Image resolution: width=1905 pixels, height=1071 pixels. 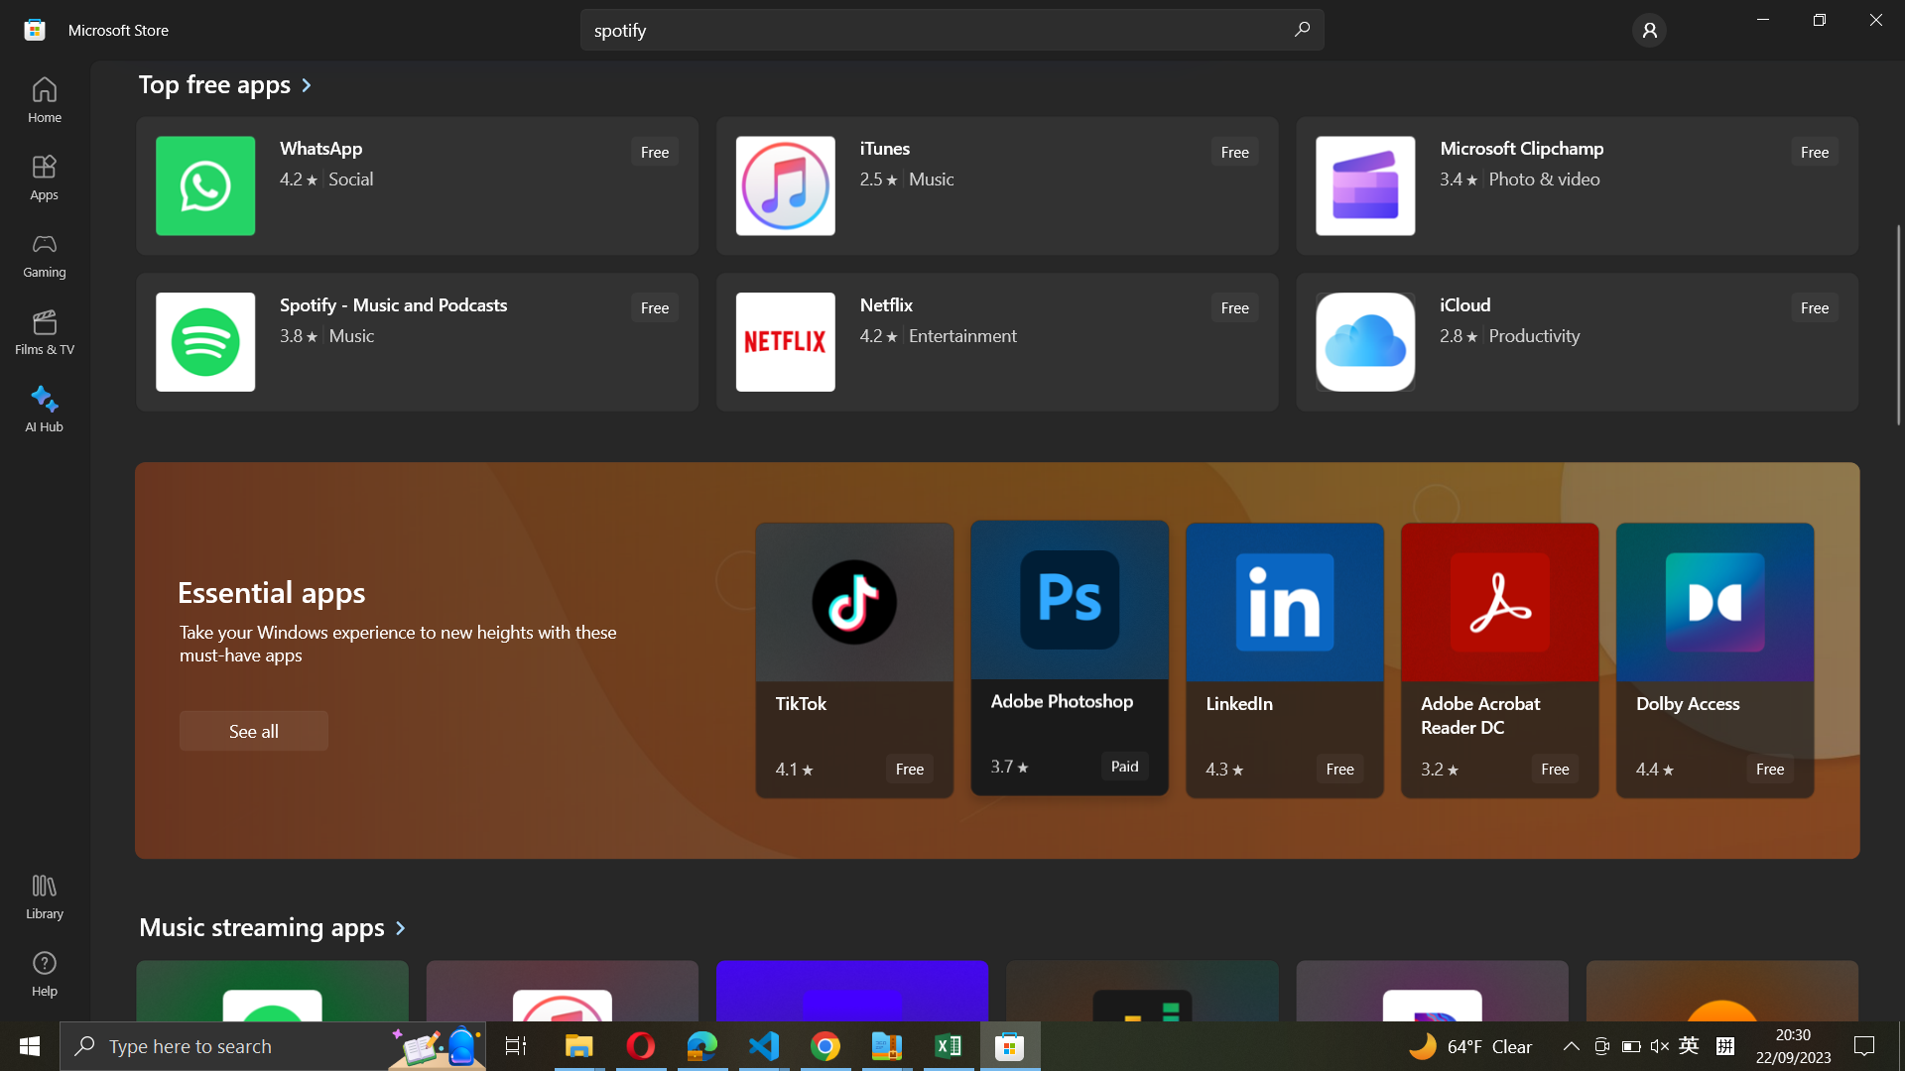 What do you see at coordinates (1714, 660) in the screenshot?
I see `Dolby Access` at bounding box center [1714, 660].